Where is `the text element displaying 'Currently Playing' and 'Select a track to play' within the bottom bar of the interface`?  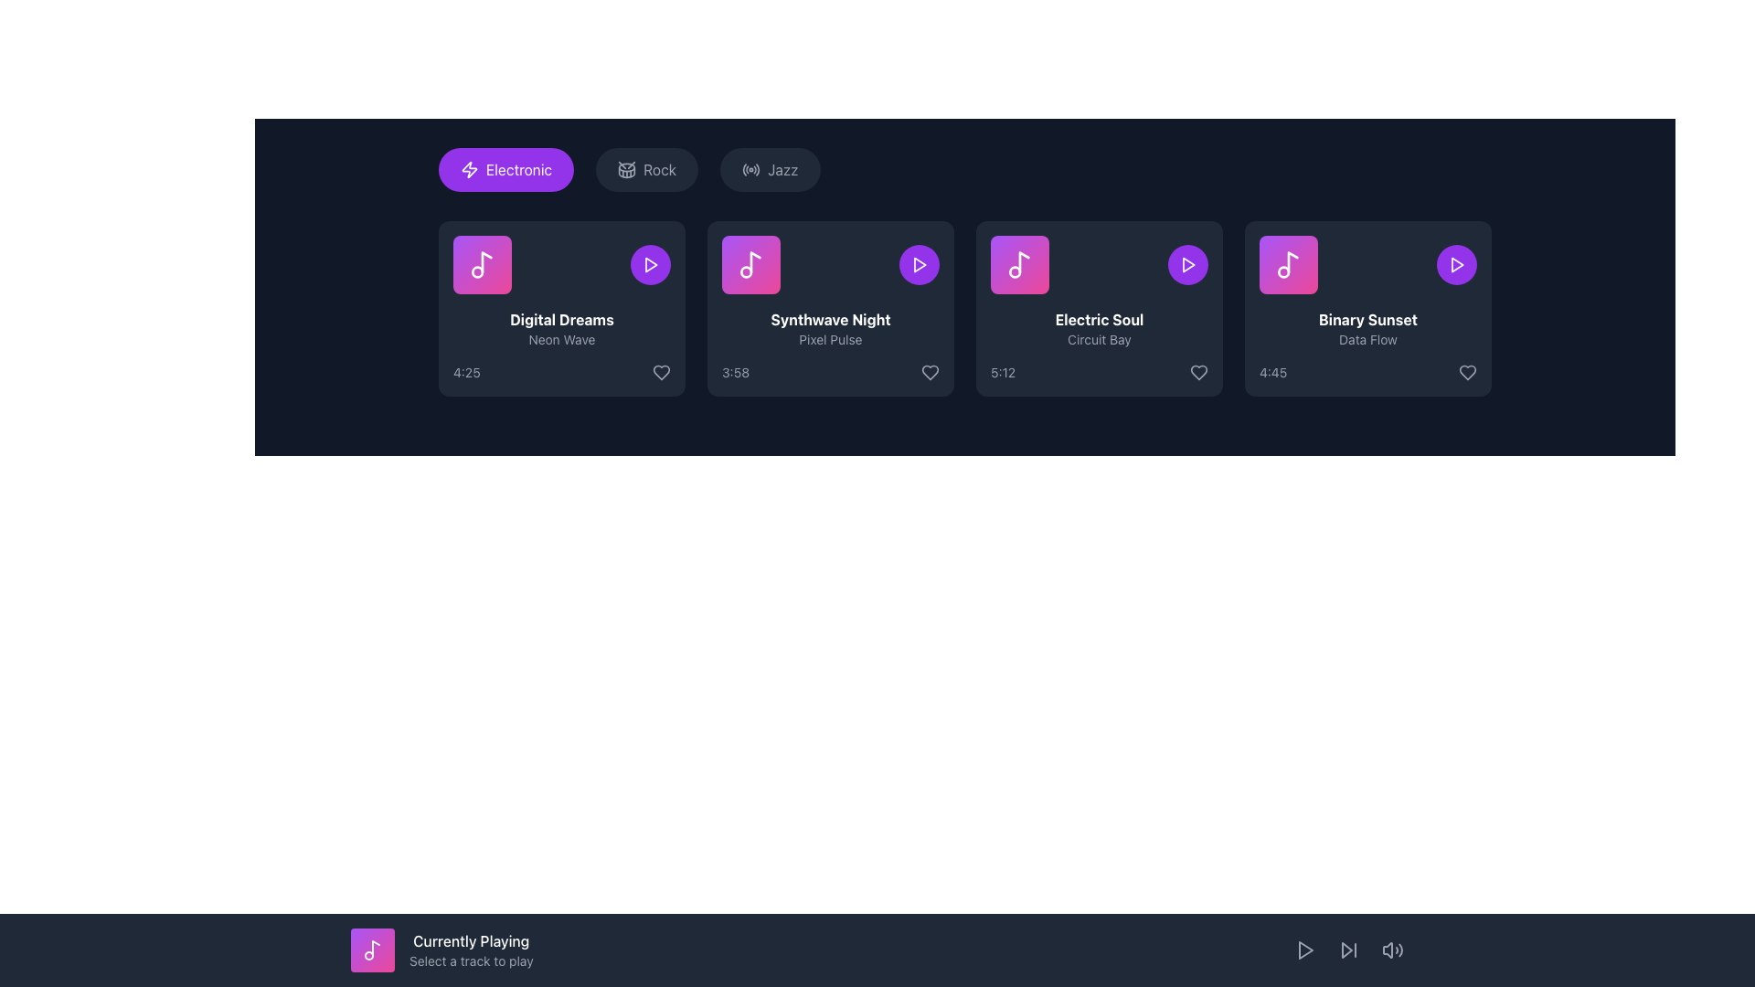
the text element displaying 'Currently Playing' and 'Select a track to play' within the bottom bar of the interface is located at coordinates (471, 950).